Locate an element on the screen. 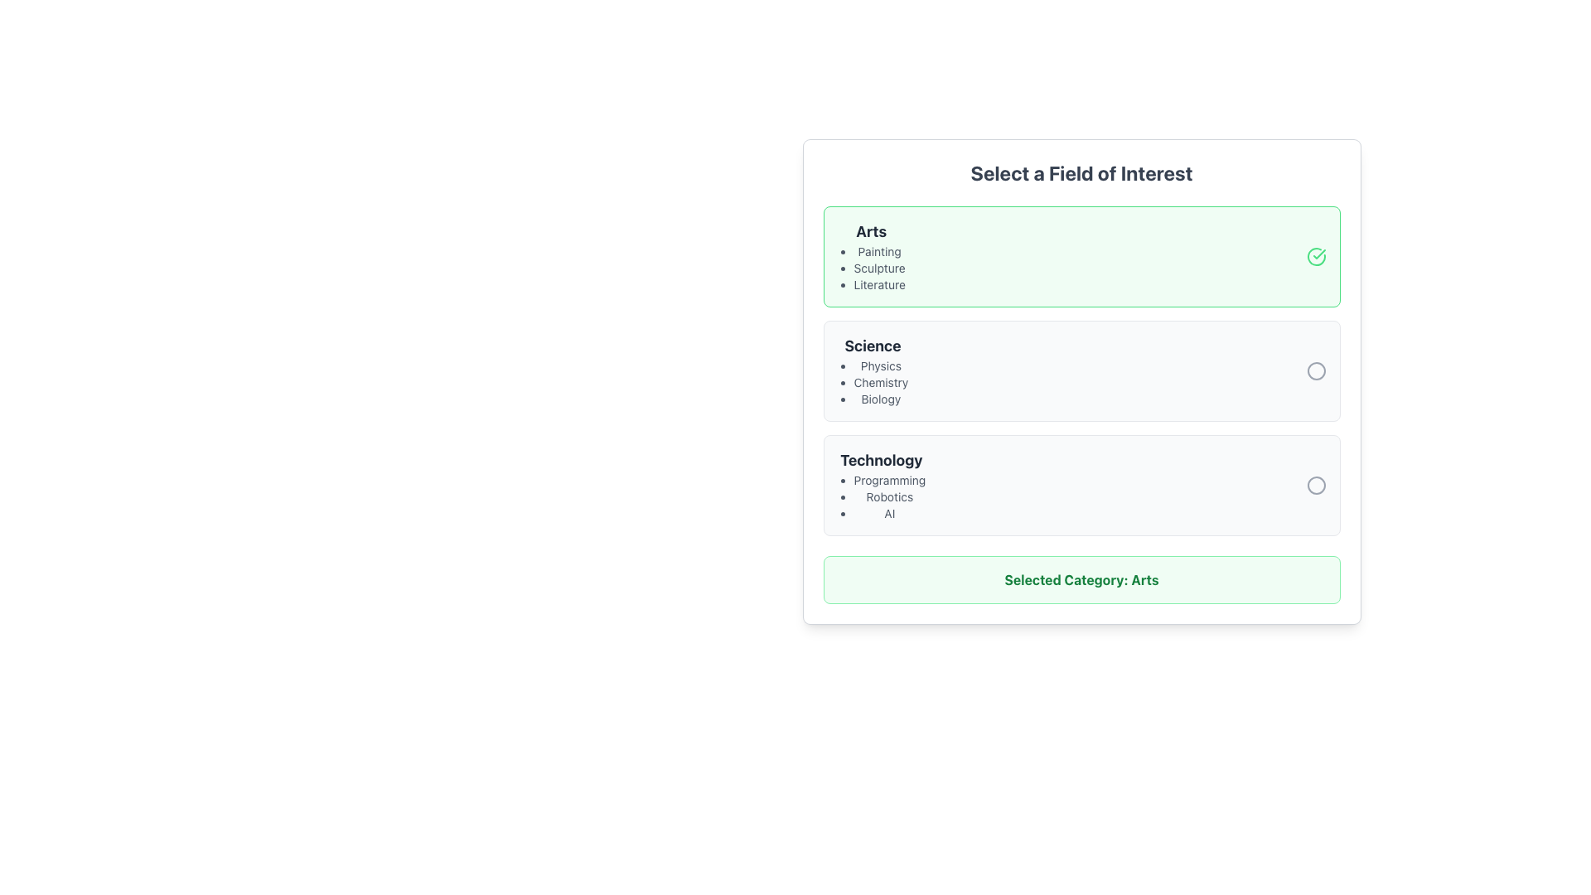 This screenshot has height=895, width=1591. text label displaying 'Chemistry' which is the second item in the bulleted list under the 'Science' section is located at coordinates (880, 383).